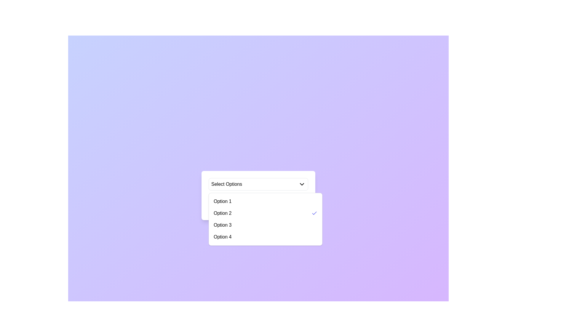  I want to click on the center of the downward arrow icon located on the far-right side of the 'Select Options' drop-down component, so click(302, 184).